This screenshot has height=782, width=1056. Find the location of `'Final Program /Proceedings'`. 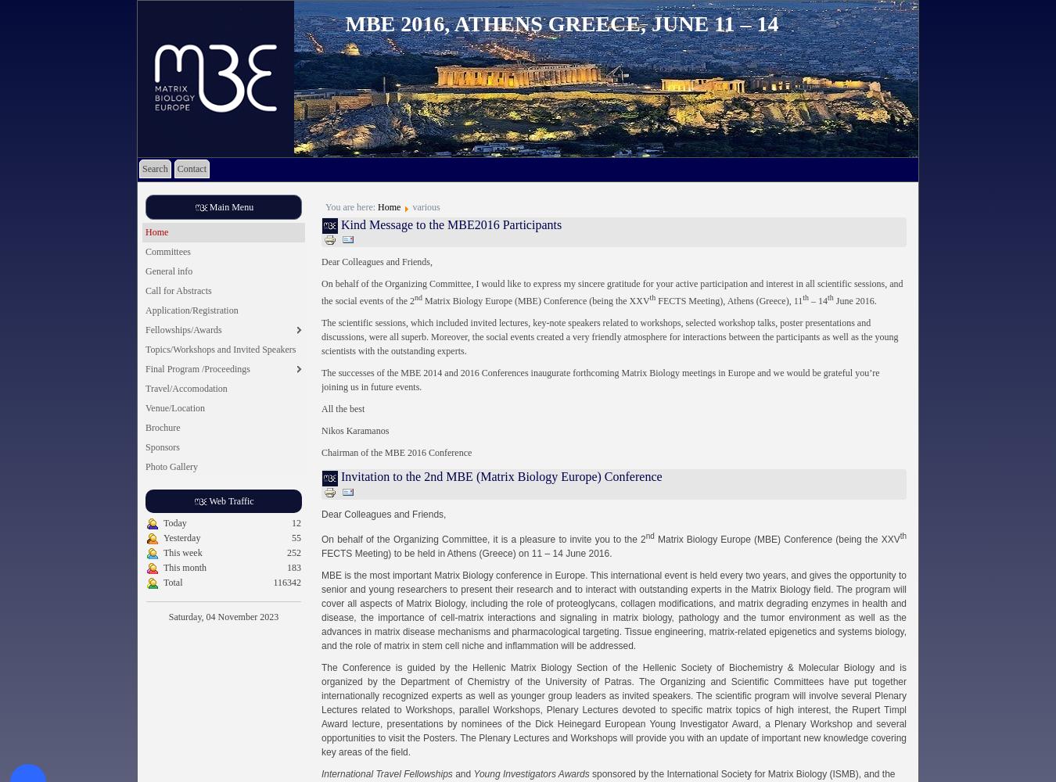

'Final Program /Proceedings' is located at coordinates (196, 368).